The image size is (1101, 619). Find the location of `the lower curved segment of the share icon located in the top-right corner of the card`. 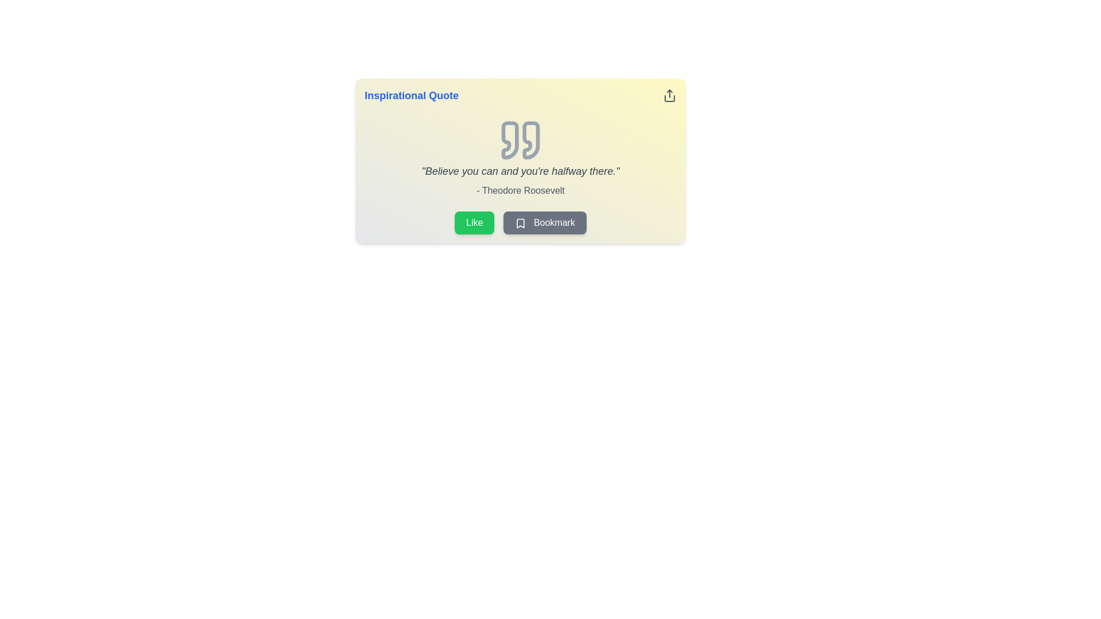

the lower curved segment of the share icon located in the top-right corner of the card is located at coordinates (669, 98).